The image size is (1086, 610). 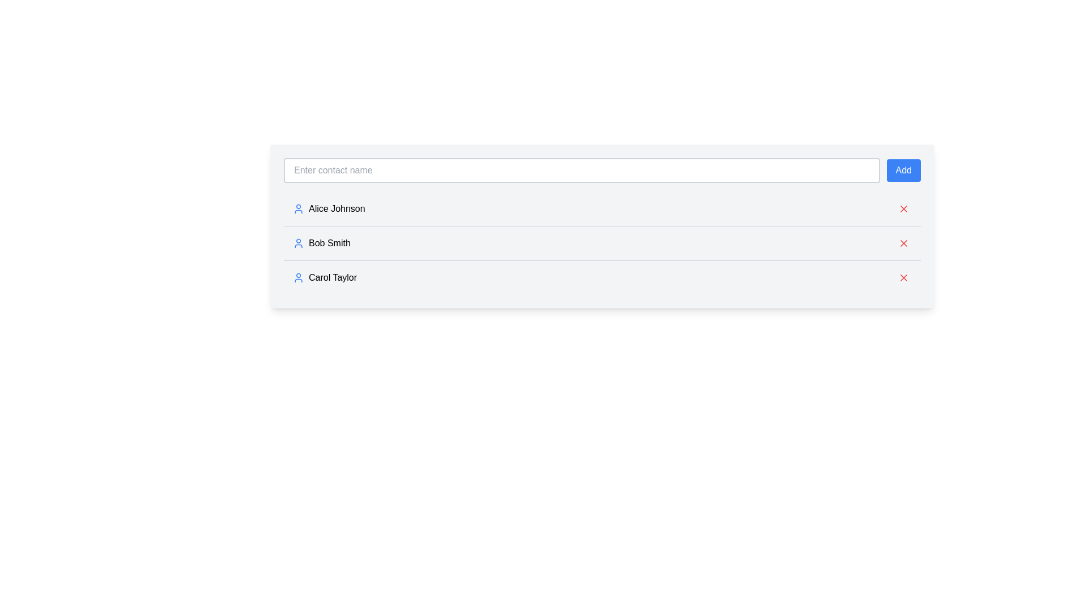 I want to click on the user profile icon, which is characterized by its circular head and semi-rounded shoulders in blue, located to the left of the text 'Alice Johnson', so click(x=299, y=209).